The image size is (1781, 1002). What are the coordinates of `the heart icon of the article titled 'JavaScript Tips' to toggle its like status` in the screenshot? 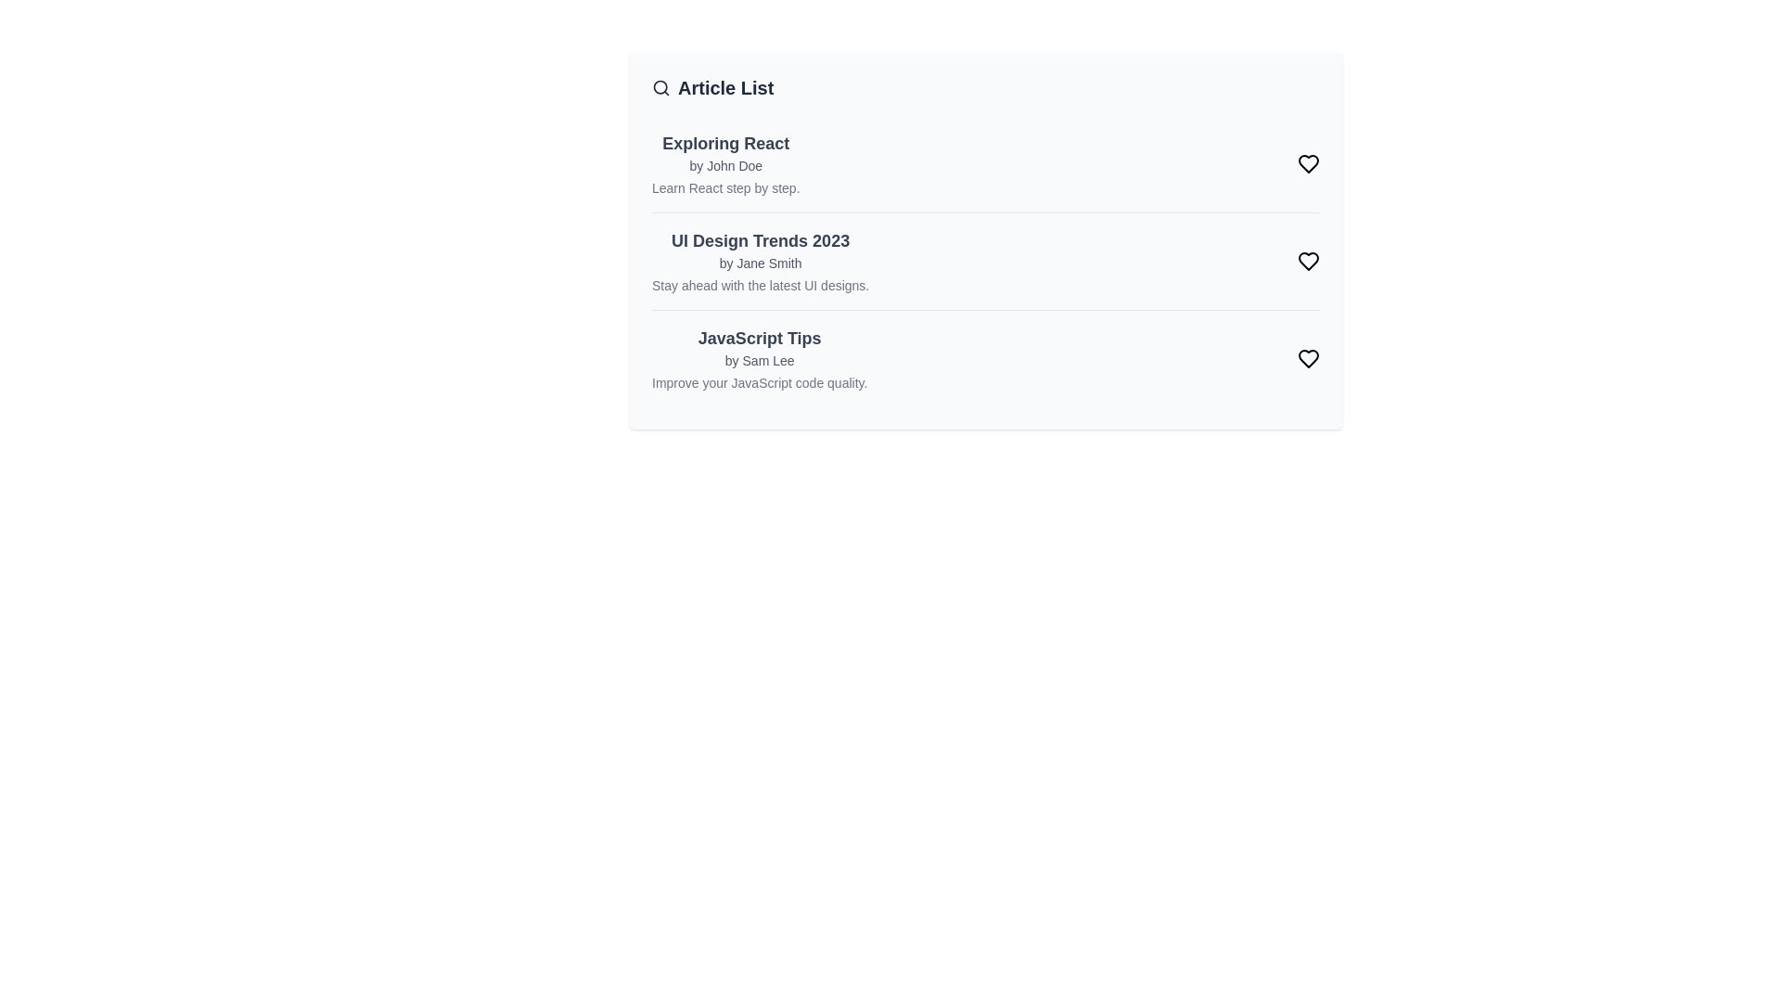 It's located at (1308, 358).